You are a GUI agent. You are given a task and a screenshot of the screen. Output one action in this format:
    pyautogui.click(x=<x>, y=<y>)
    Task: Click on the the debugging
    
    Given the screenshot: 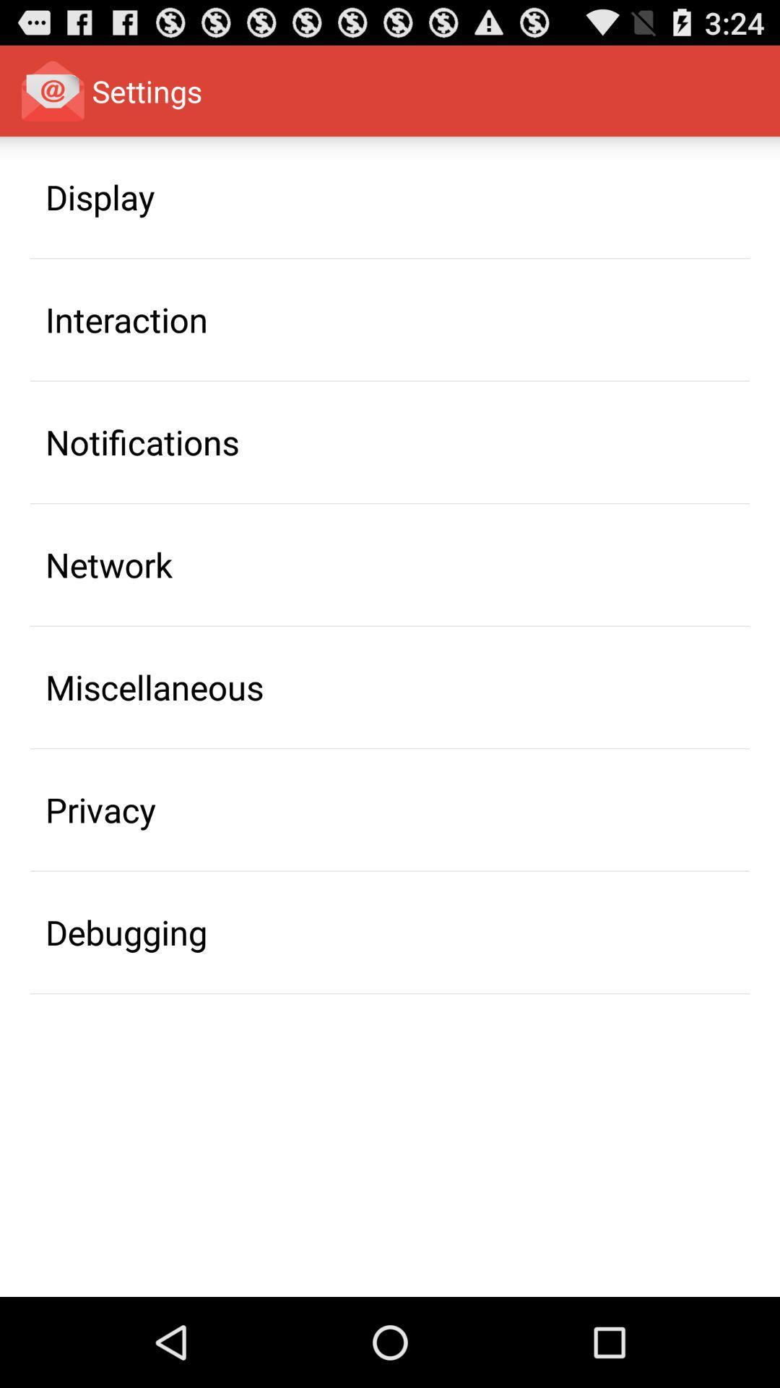 What is the action you would take?
    pyautogui.click(x=126, y=932)
    